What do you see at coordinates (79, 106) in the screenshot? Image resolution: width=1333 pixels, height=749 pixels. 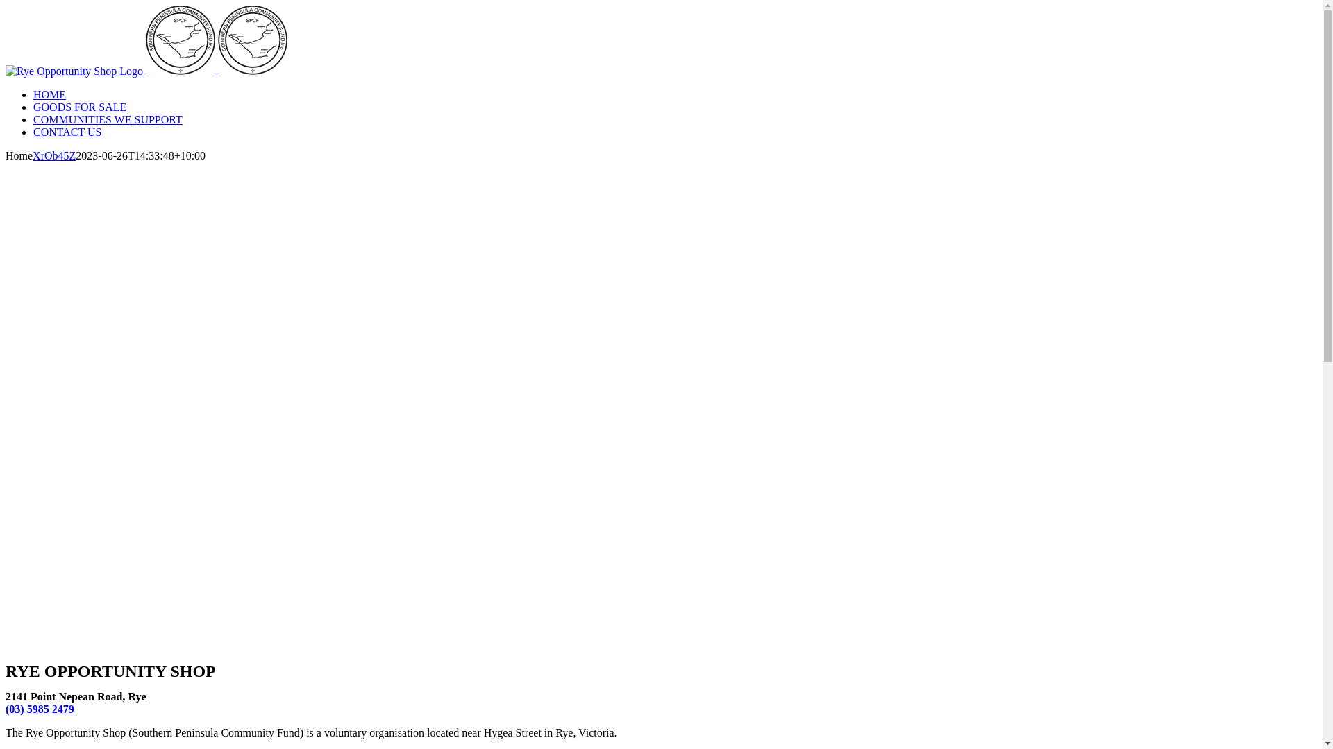 I see `'GOODS FOR SALE'` at bounding box center [79, 106].